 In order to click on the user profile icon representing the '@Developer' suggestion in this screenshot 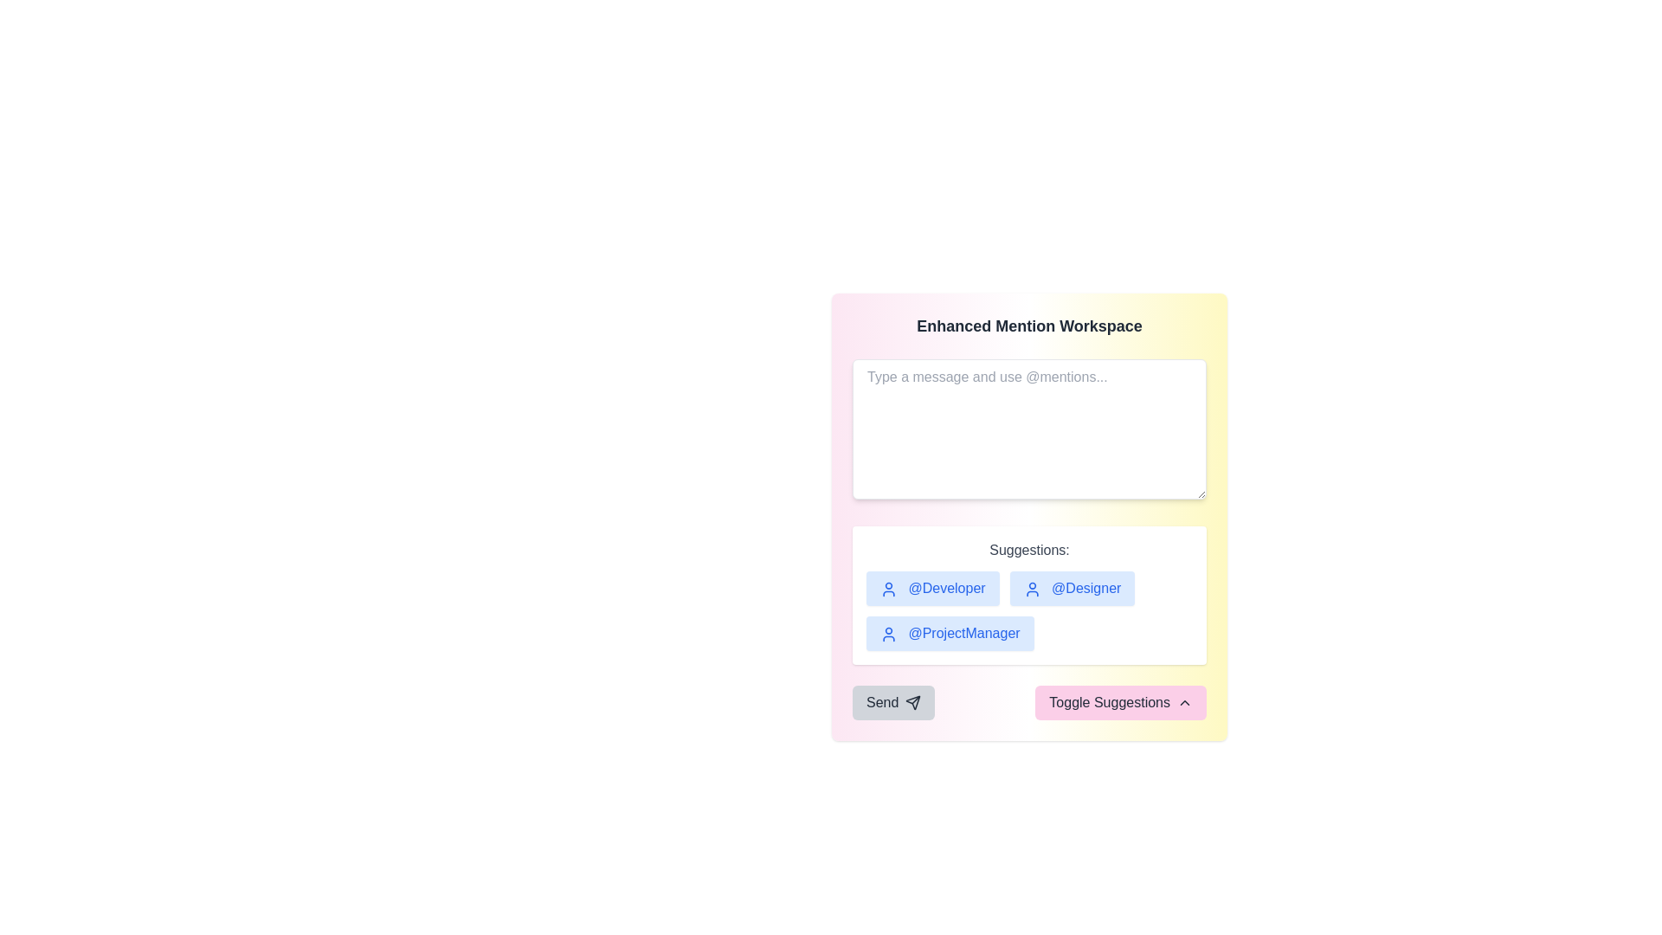, I will do `click(889, 589)`.